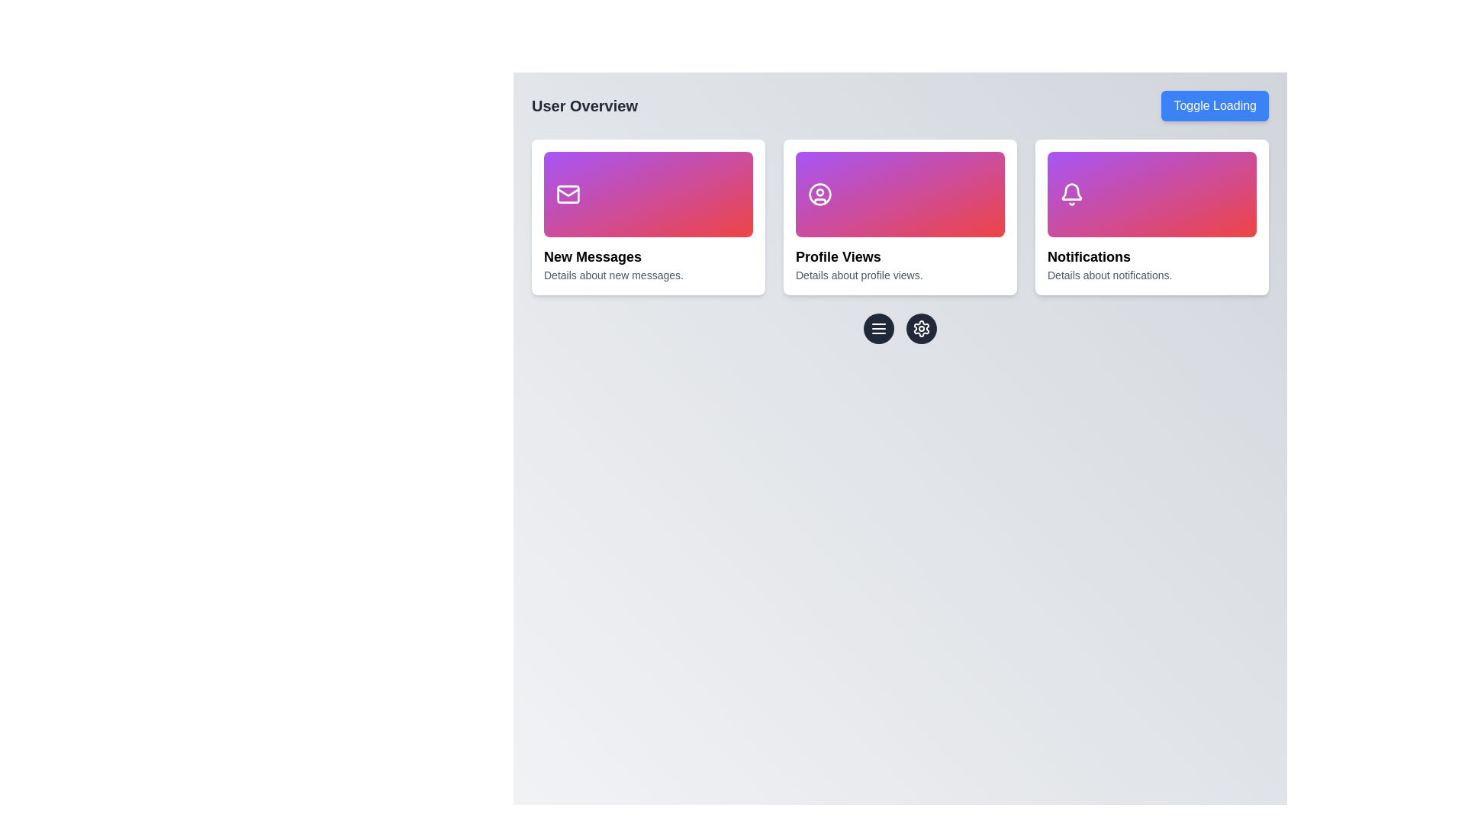 Image resolution: width=1465 pixels, height=824 pixels. I want to click on the informational text label located below the 'Notifications' title within the rightmost card of the row, so click(1109, 275).